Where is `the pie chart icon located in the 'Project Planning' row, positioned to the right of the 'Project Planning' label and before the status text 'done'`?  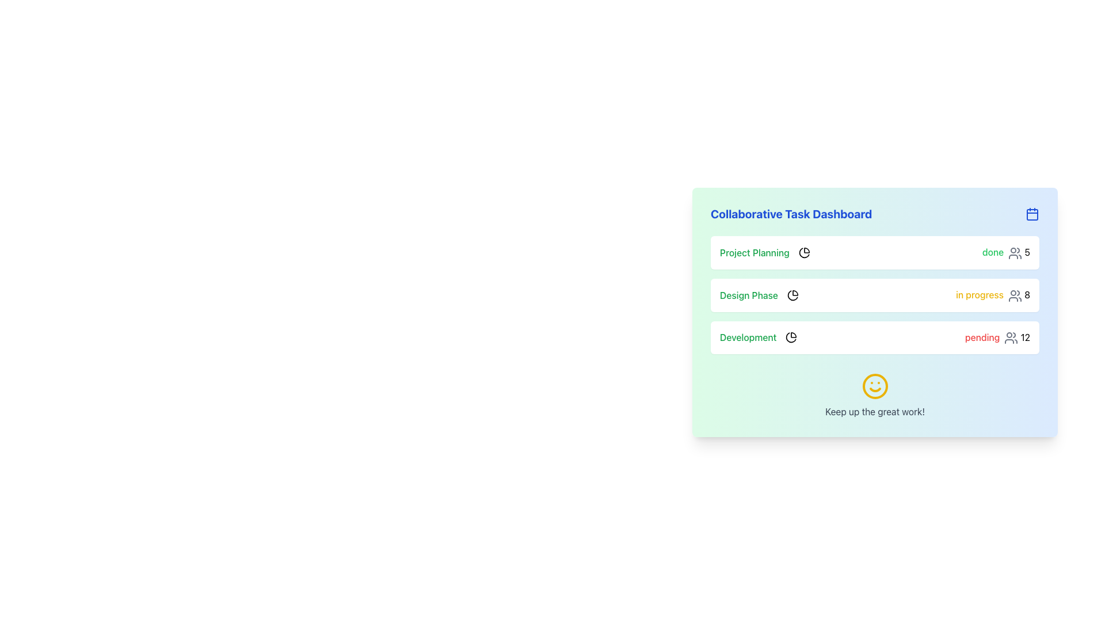 the pie chart icon located in the 'Project Planning' row, positioned to the right of the 'Project Planning' label and before the status text 'done' is located at coordinates (803, 252).